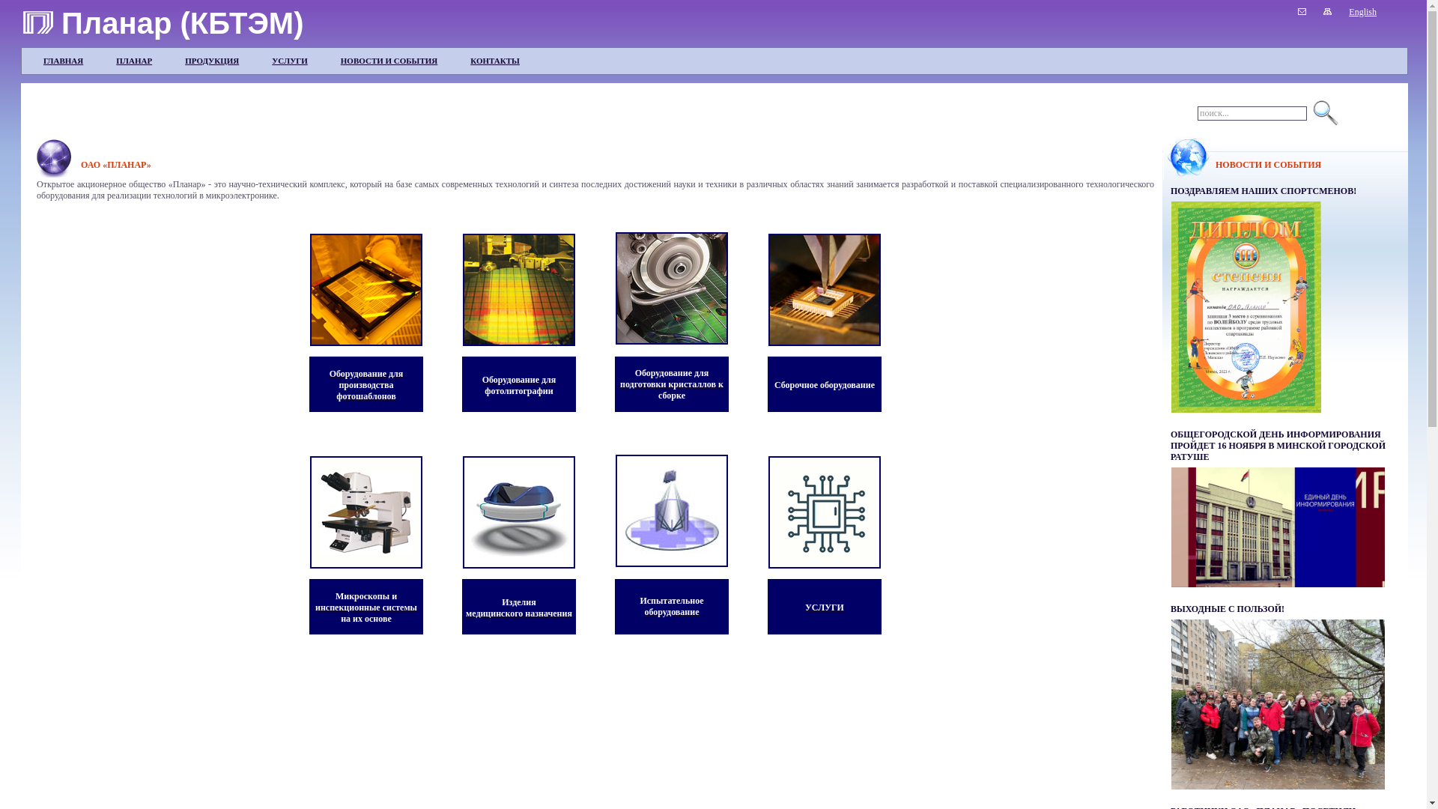 The height and width of the screenshot is (809, 1438). I want to click on 'English', so click(1362, 11).